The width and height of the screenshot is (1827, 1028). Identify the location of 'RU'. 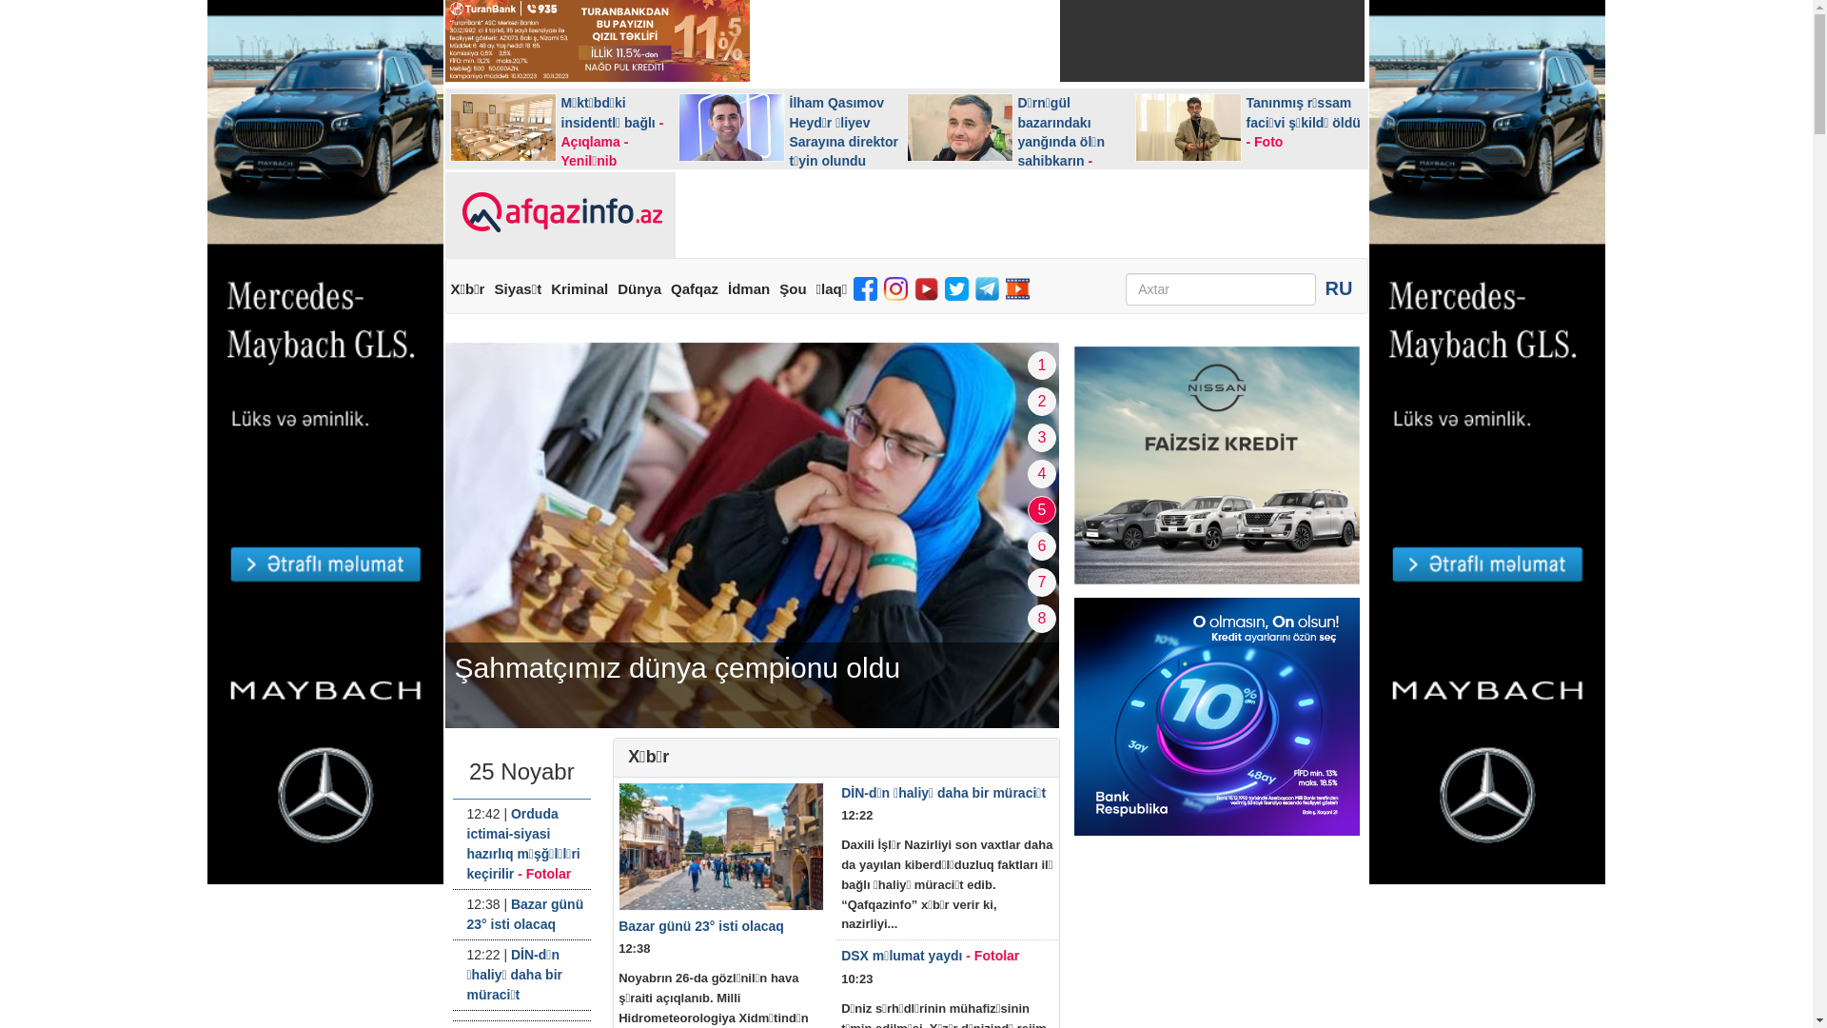
(1338, 288).